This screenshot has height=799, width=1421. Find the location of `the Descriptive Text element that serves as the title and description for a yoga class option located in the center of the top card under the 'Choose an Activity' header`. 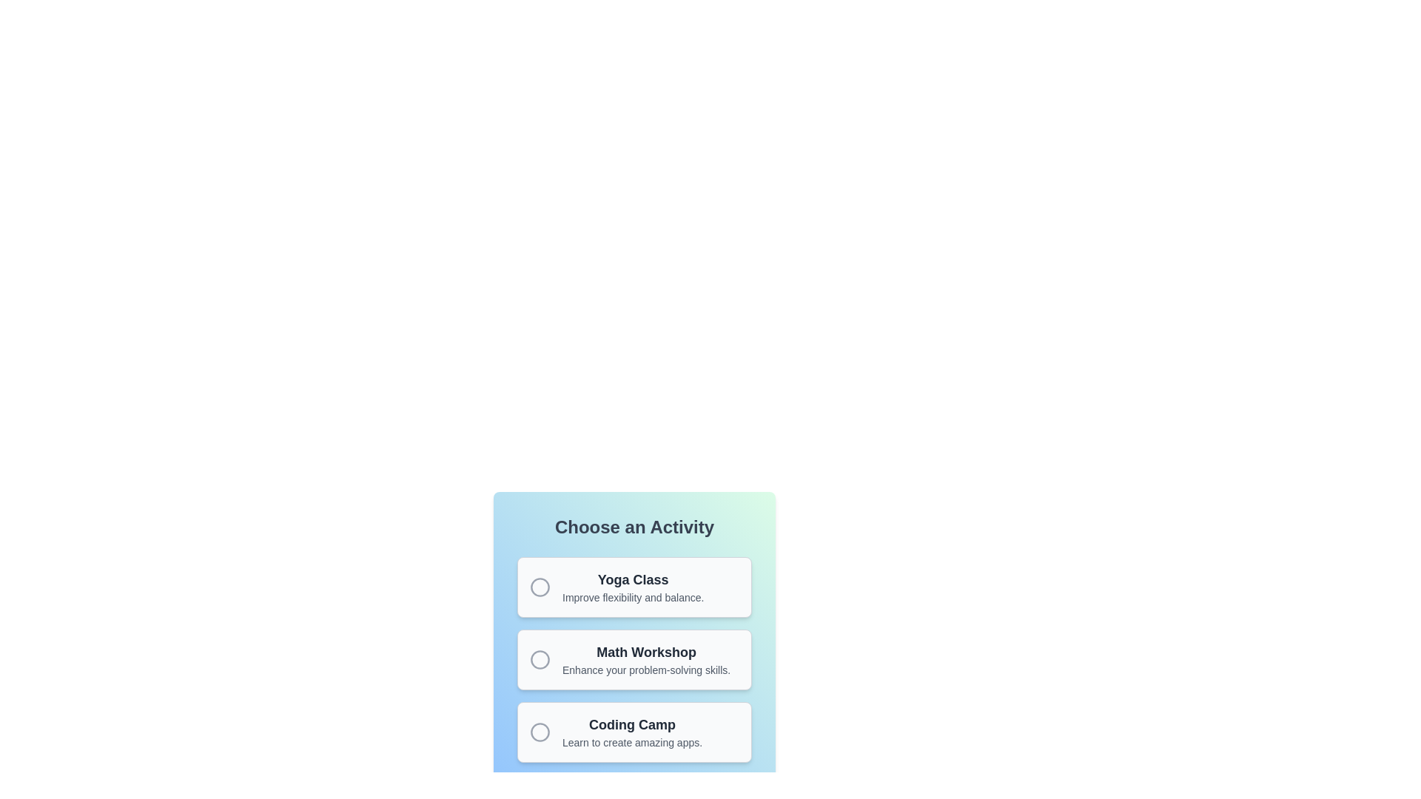

the Descriptive Text element that serves as the title and description for a yoga class option located in the center of the top card under the 'Choose an Activity' header is located at coordinates (633, 587).